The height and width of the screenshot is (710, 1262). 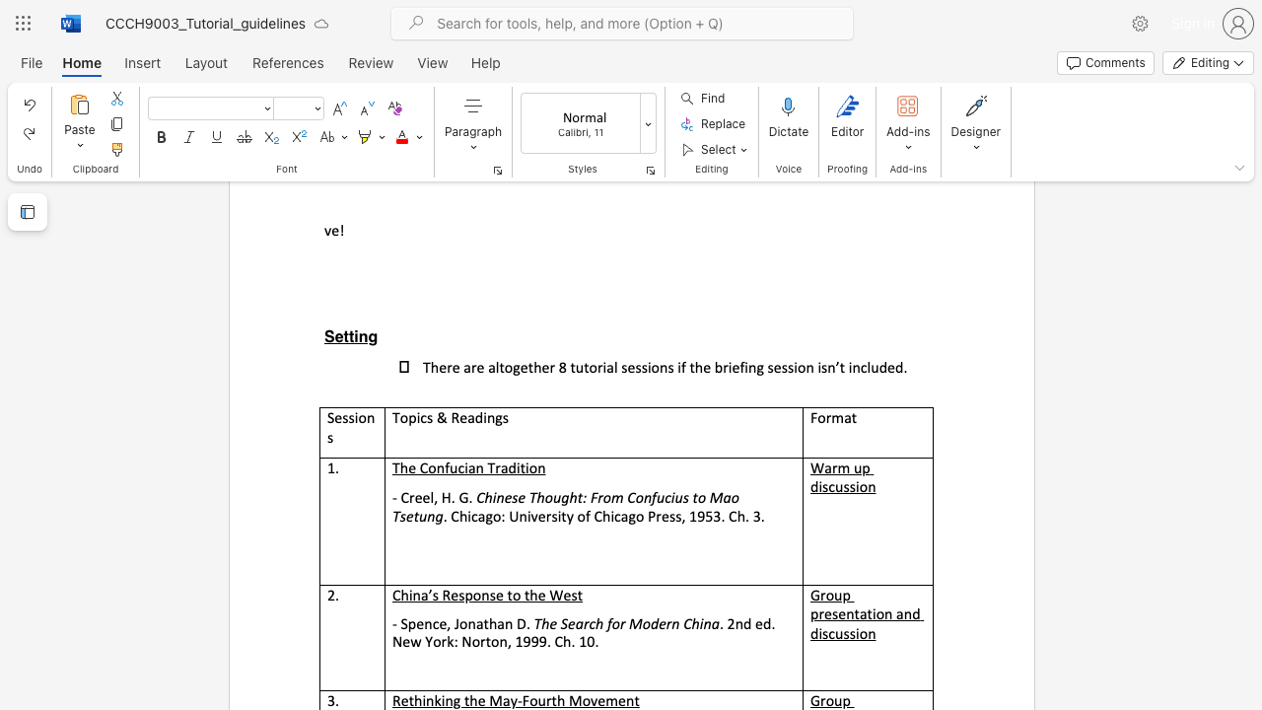 What do you see at coordinates (405, 515) in the screenshot?
I see `the subset text "et" within the text "Chinese Thought: From Confucius to Mao Tsetung"` at bounding box center [405, 515].